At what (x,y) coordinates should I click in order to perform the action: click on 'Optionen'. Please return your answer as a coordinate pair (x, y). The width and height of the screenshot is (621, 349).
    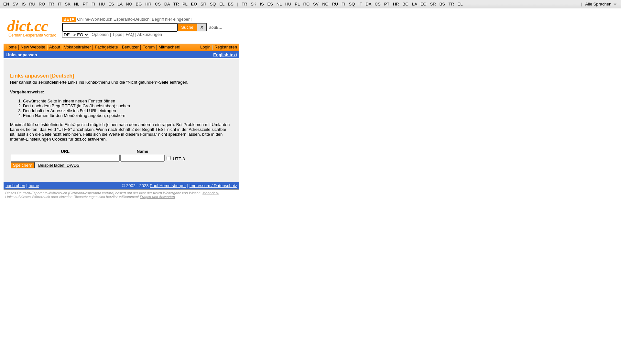
    Looking at the image, I should click on (100, 34).